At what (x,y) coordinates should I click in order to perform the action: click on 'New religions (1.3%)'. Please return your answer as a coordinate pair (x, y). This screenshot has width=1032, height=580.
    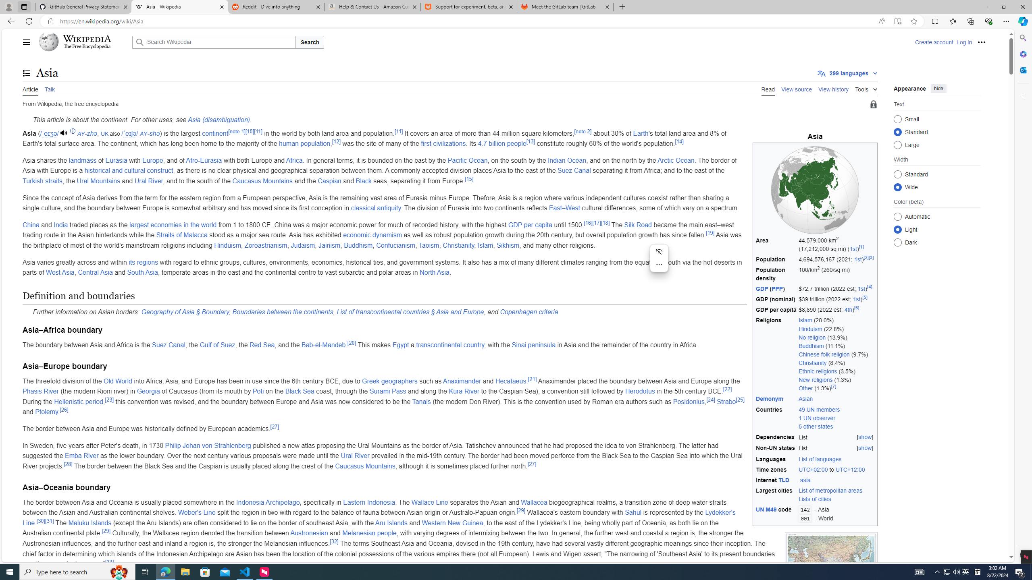
    Looking at the image, I should click on (836, 379).